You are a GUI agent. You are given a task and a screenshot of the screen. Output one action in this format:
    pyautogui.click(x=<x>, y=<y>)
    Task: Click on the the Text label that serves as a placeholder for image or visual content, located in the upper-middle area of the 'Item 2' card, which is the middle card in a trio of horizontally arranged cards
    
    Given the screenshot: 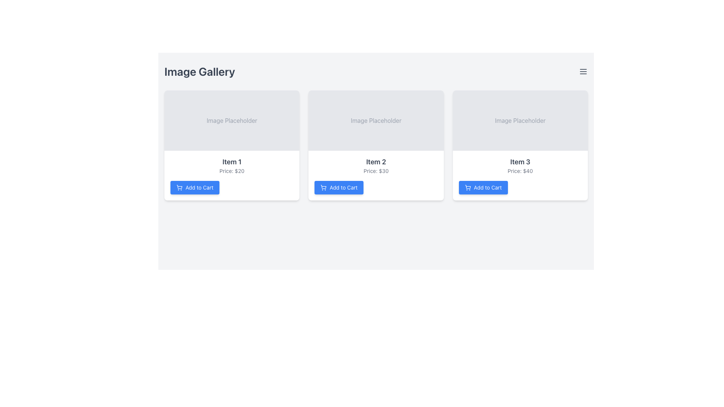 What is the action you would take?
    pyautogui.click(x=376, y=120)
    